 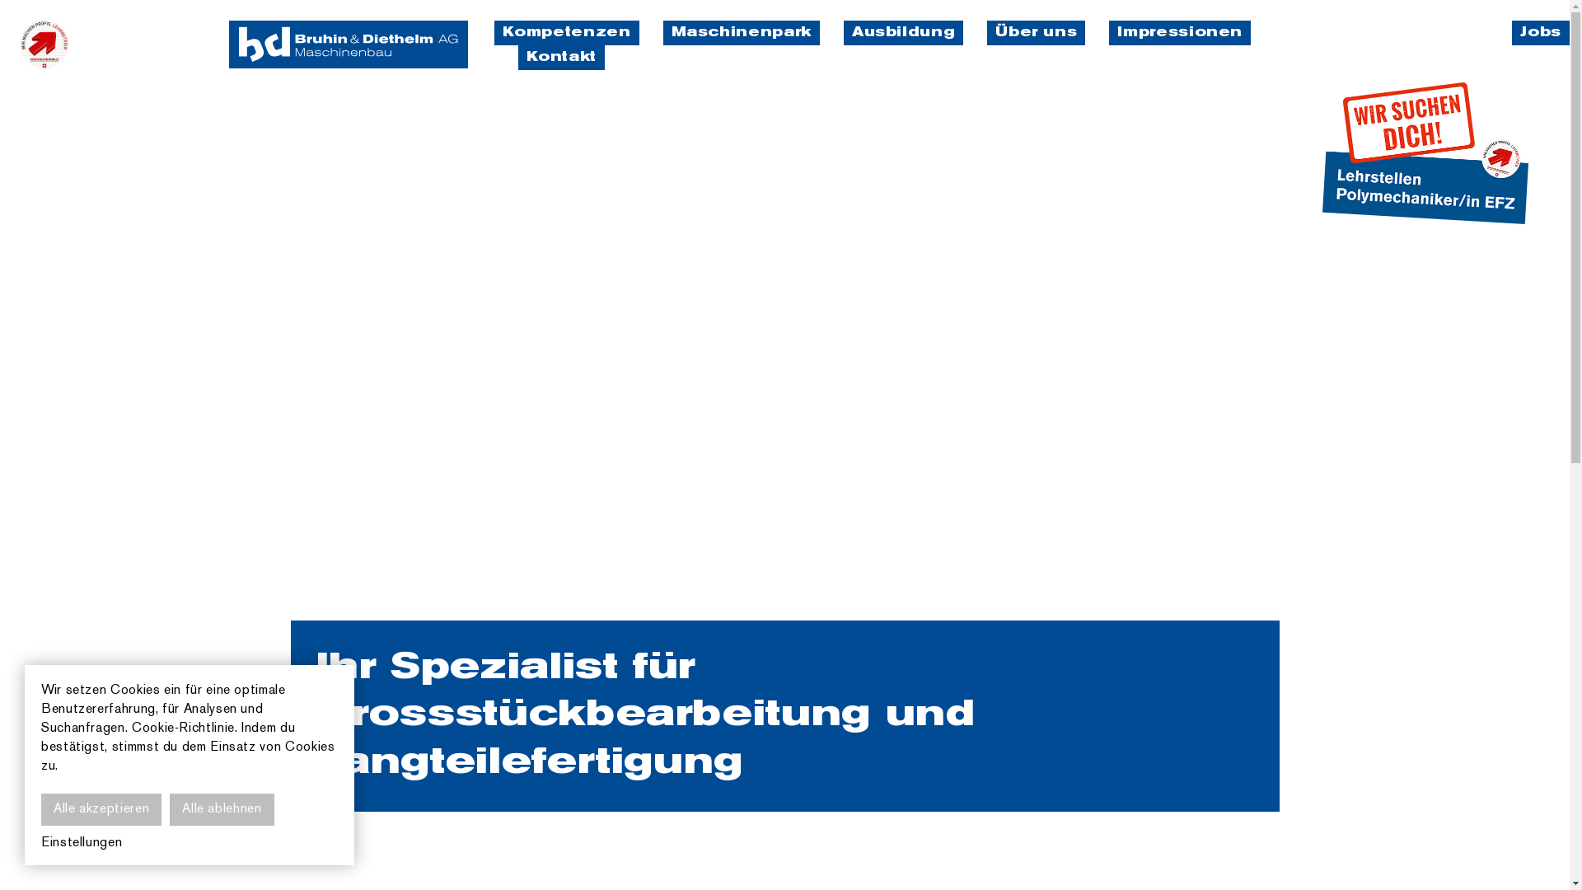 What do you see at coordinates (1178, 32) in the screenshot?
I see `'Impressionen'` at bounding box center [1178, 32].